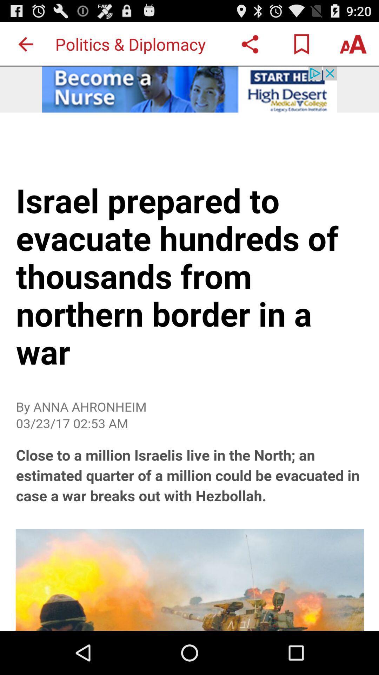 Image resolution: width=379 pixels, height=675 pixels. What do you see at coordinates (301, 44) in the screenshot?
I see `bookmark page` at bounding box center [301, 44].